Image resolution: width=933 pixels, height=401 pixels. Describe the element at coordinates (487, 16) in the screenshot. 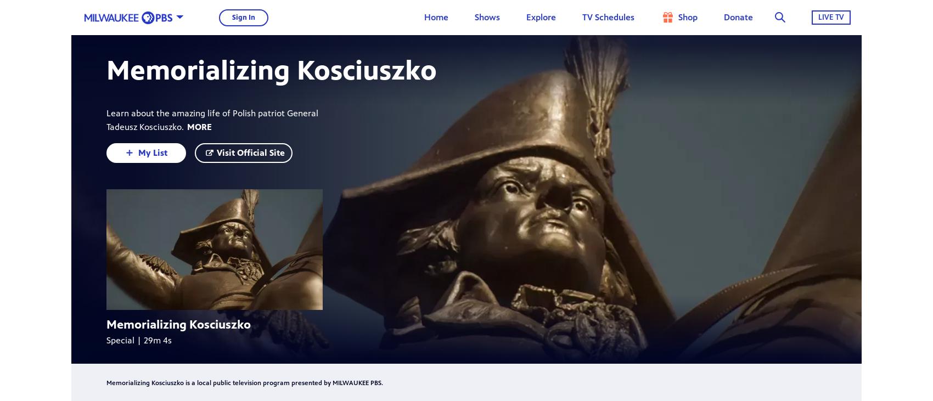

I see `'Shows'` at that location.